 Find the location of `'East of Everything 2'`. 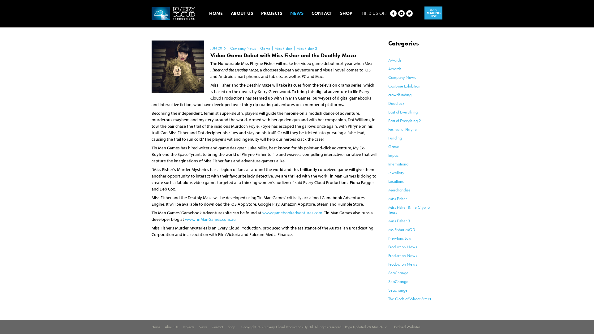

'East of Everything 2' is located at coordinates (405, 120).